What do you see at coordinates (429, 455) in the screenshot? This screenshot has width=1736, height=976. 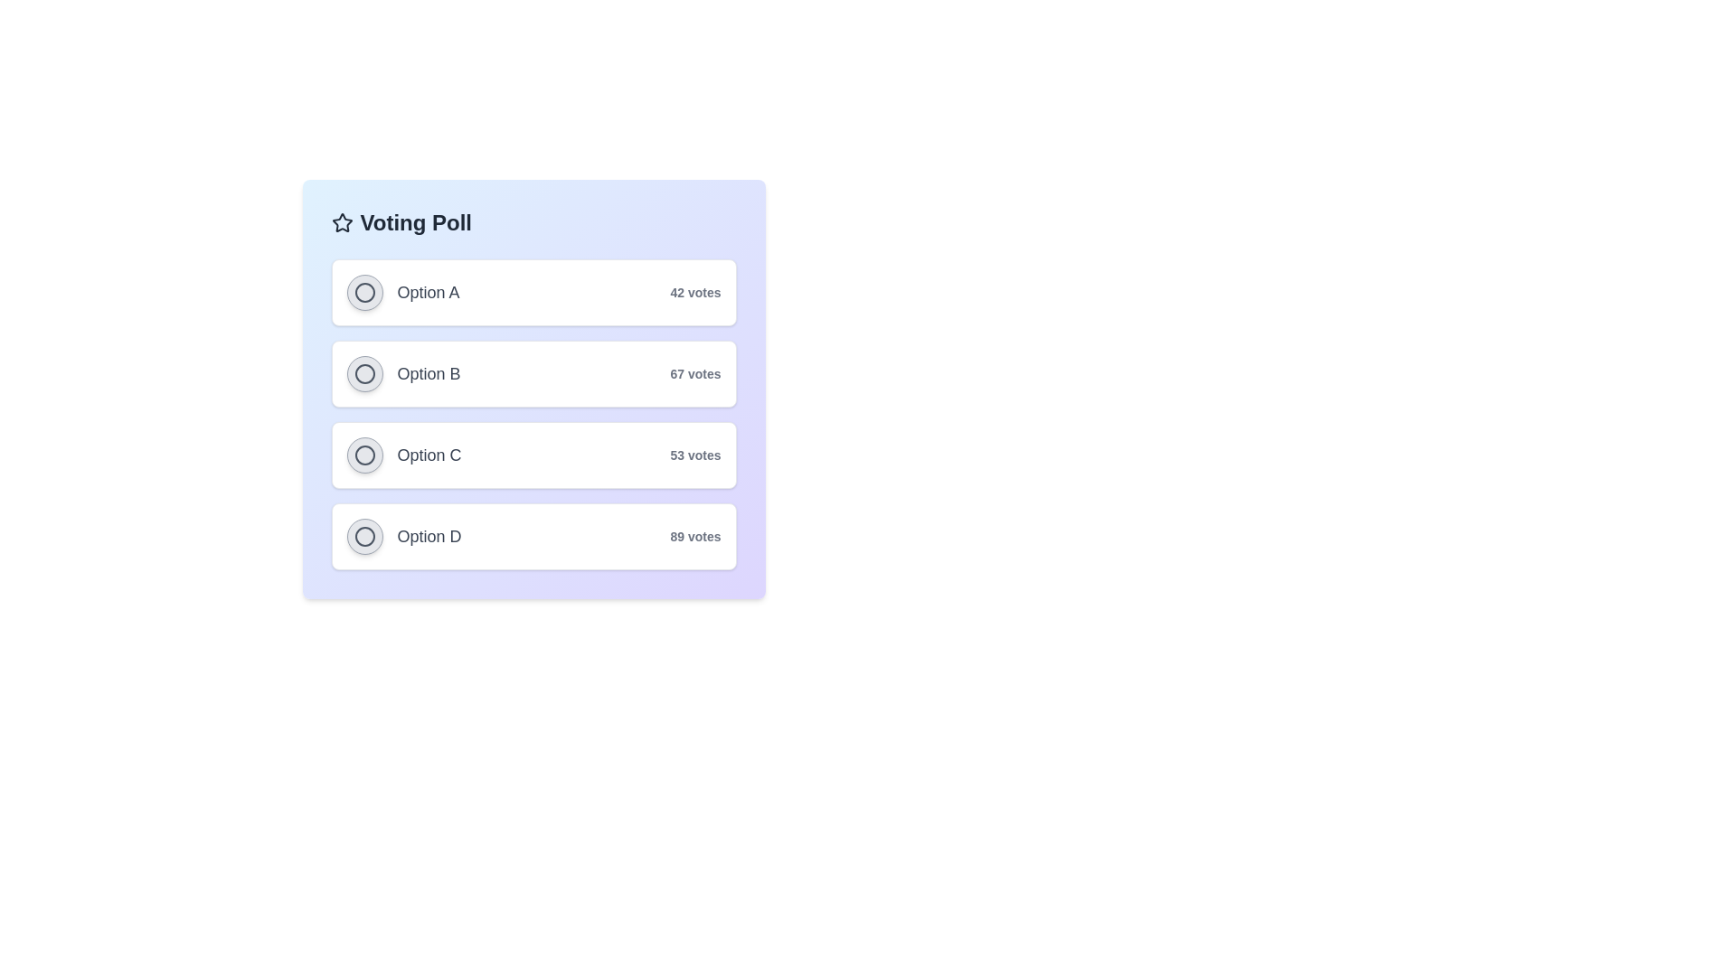 I see `the text label displaying 'Option C', which is styled with medium-weight gray font and is the third option in a vertical list of choices` at bounding box center [429, 455].